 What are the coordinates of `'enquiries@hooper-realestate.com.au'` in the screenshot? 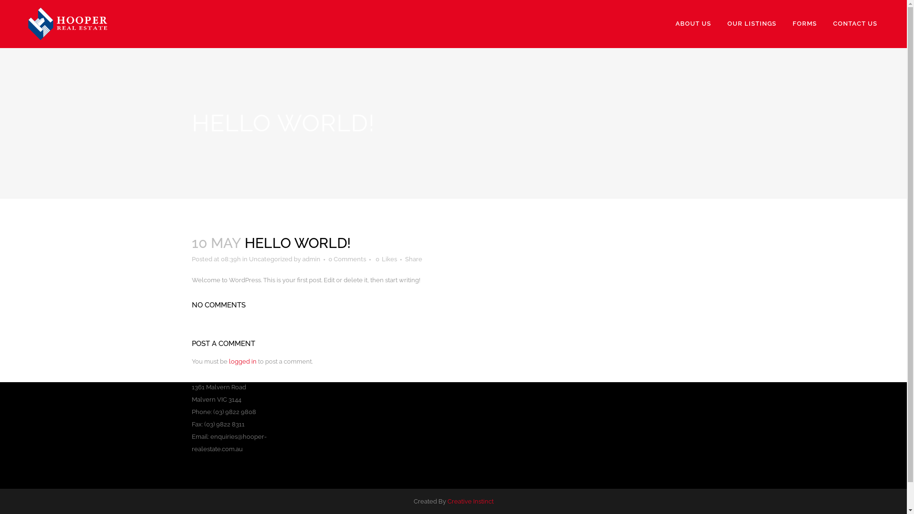 It's located at (228, 443).